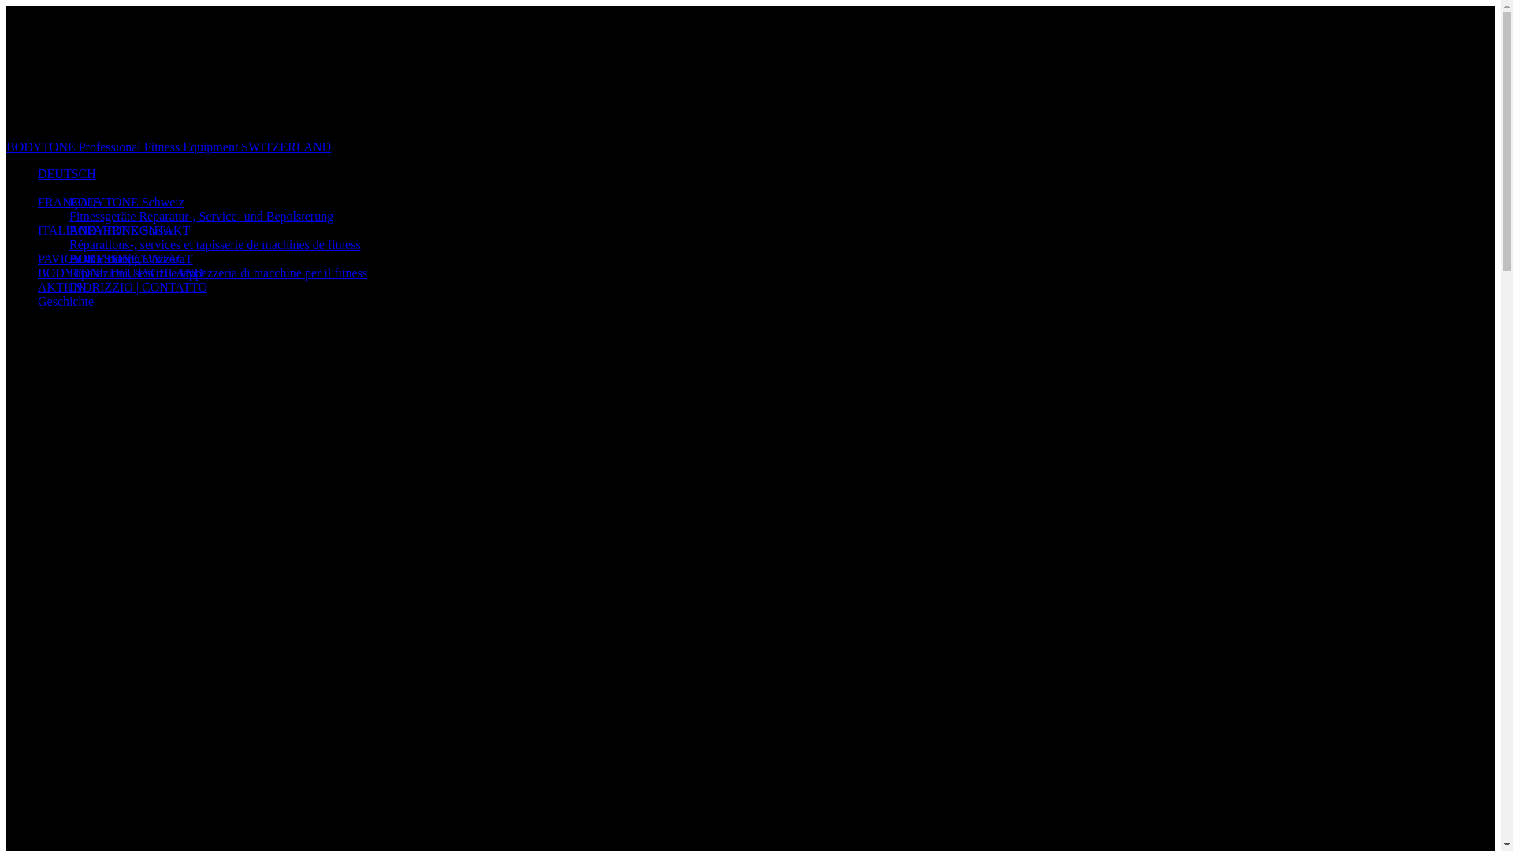 The height and width of the screenshot is (851, 1513). I want to click on 'BODYTONE Professional Fitness Equipment SWITZERLAND', so click(6, 147).